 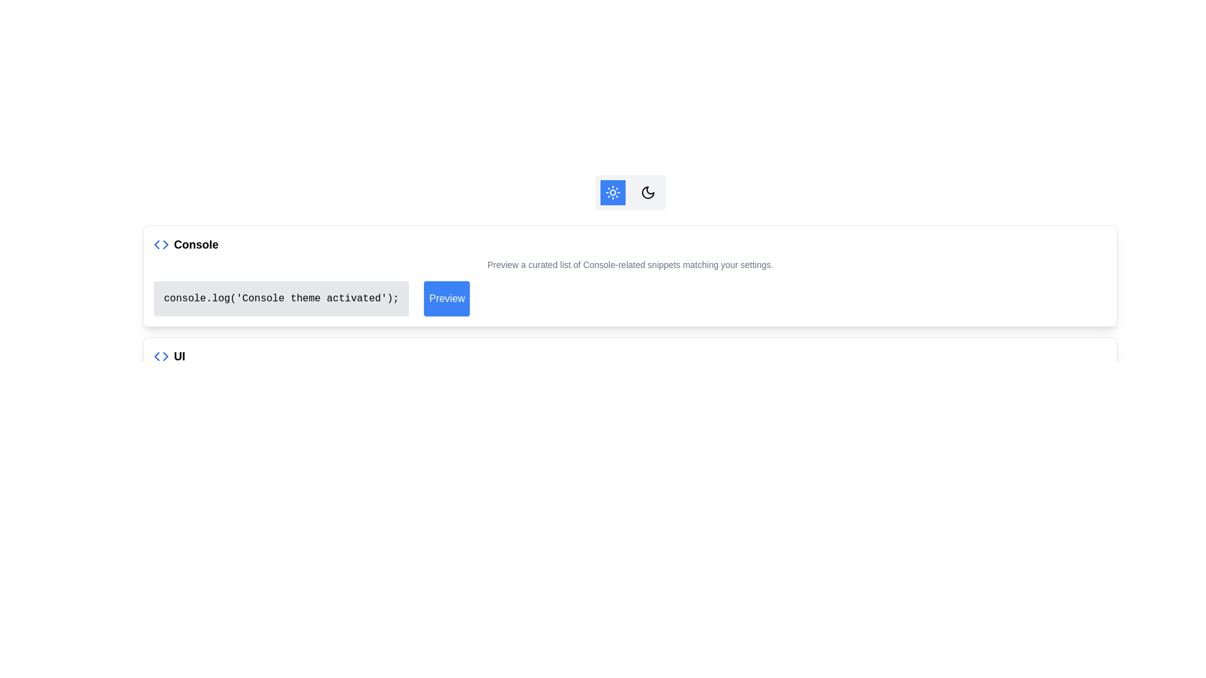 What do you see at coordinates (648, 193) in the screenshot?
I see `the crescent moon icon styled in a minimal design` at bounding box center [648, 193].